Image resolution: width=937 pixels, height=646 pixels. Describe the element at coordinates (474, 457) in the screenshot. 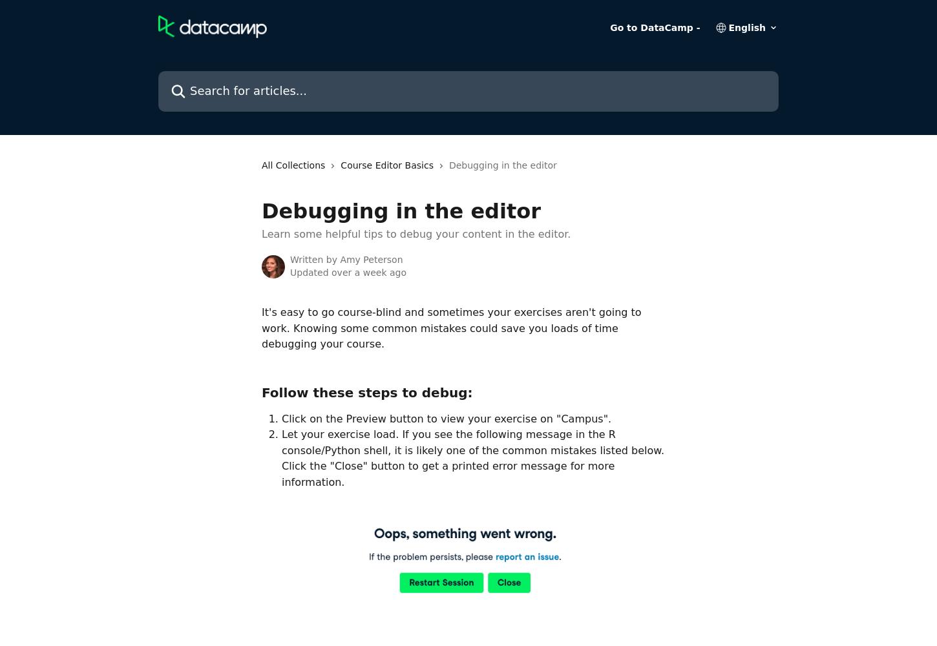

I see `'Let your exercise load. If you see the following message in the R console/Python shell, it is likely one of the common mistakes listed below. Click the "Close" button to get a printed error message for more information.'` at that location.